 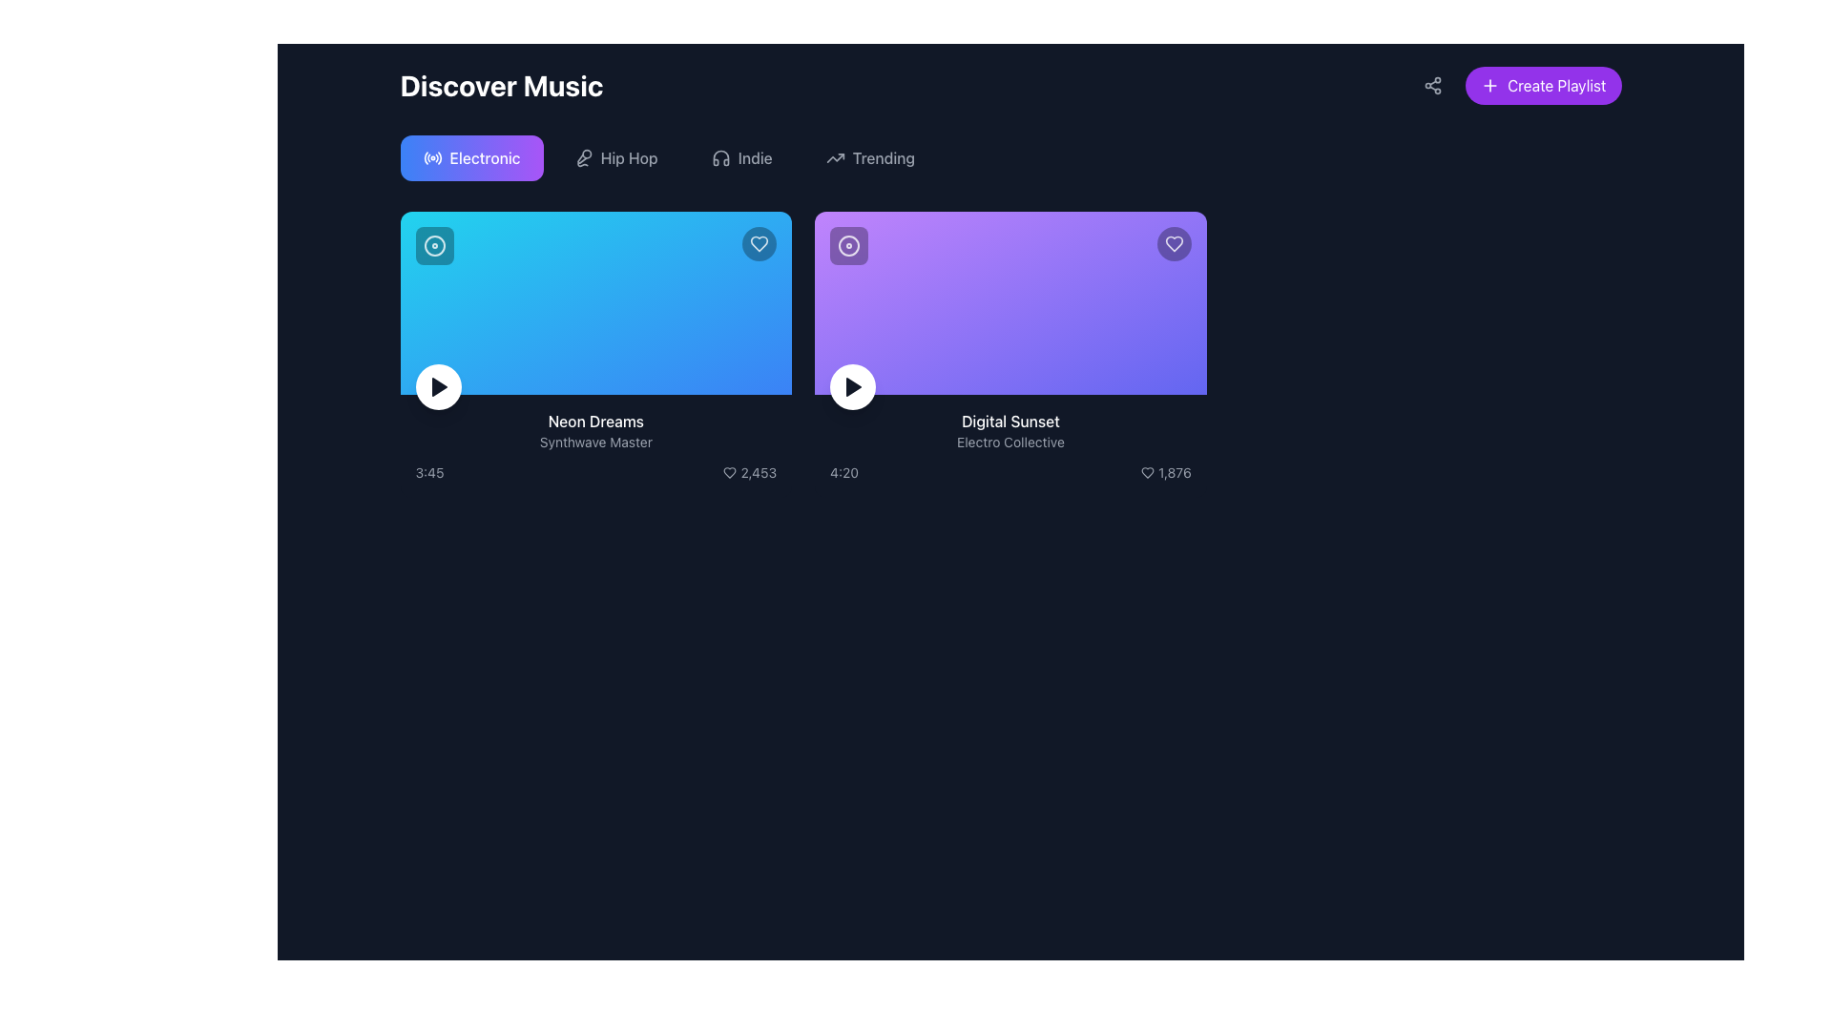 I want to click on the 'like' button located at the top-right corner of the blue card labeled 'Neon Dreams', so click(x=759, y=242).